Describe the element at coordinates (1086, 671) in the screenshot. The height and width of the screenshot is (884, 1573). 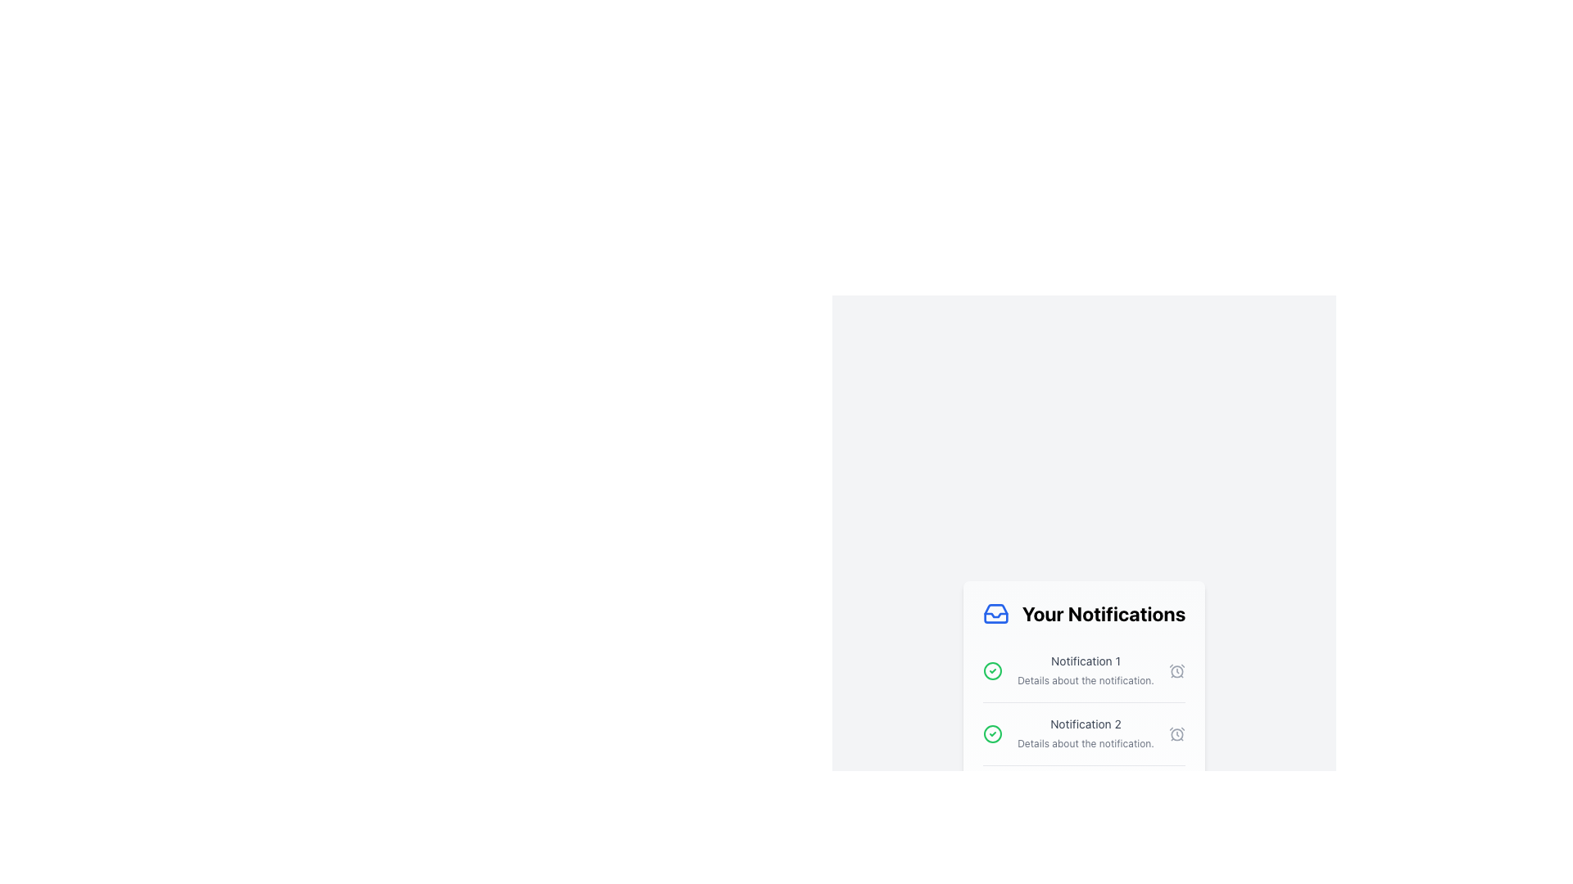
I see `text content of the Text Display Component displaying 'Notification 1' and its description, located below 'Your Notifications' and between a green checkmark icon and a gear icon` at that location.